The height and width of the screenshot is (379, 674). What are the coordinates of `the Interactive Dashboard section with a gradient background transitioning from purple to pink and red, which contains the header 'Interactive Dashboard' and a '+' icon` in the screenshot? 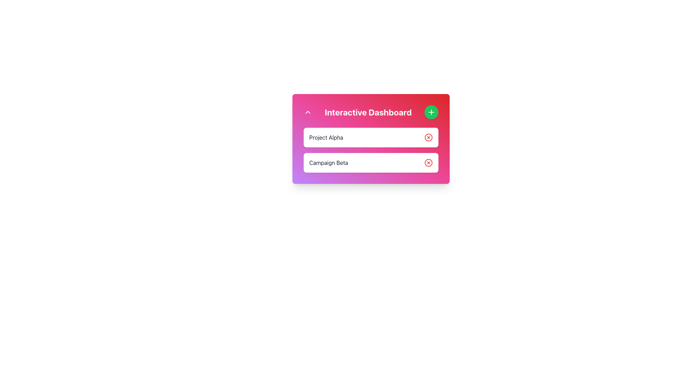 It's located at (370, 139).